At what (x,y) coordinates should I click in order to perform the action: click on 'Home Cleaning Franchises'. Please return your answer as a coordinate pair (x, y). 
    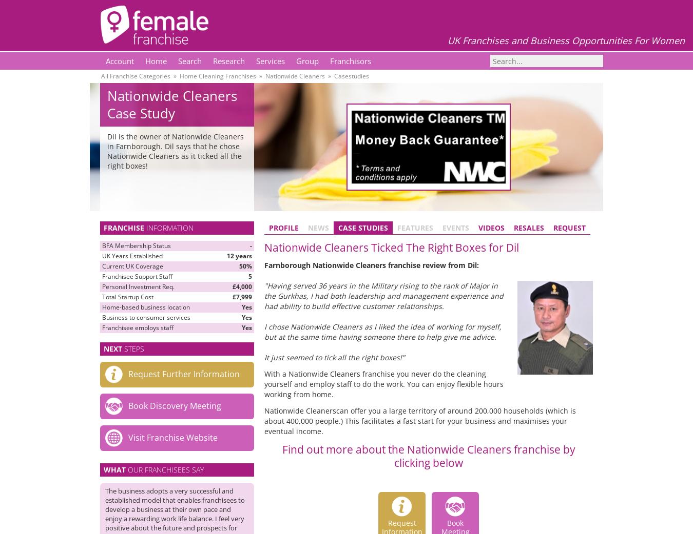
    Looking at the image, I should click on (180, 76).